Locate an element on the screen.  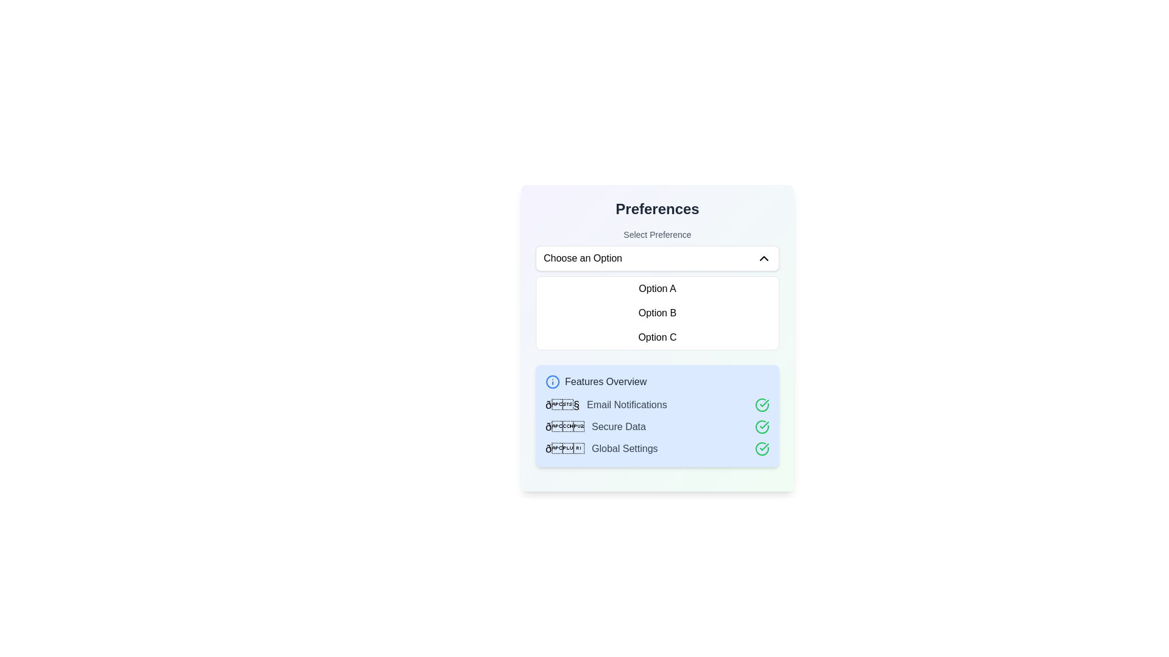
the 'Select Preference' label located at the top-left corner of the dropdown interface to interact with its area is located at coordinates (657, 234).